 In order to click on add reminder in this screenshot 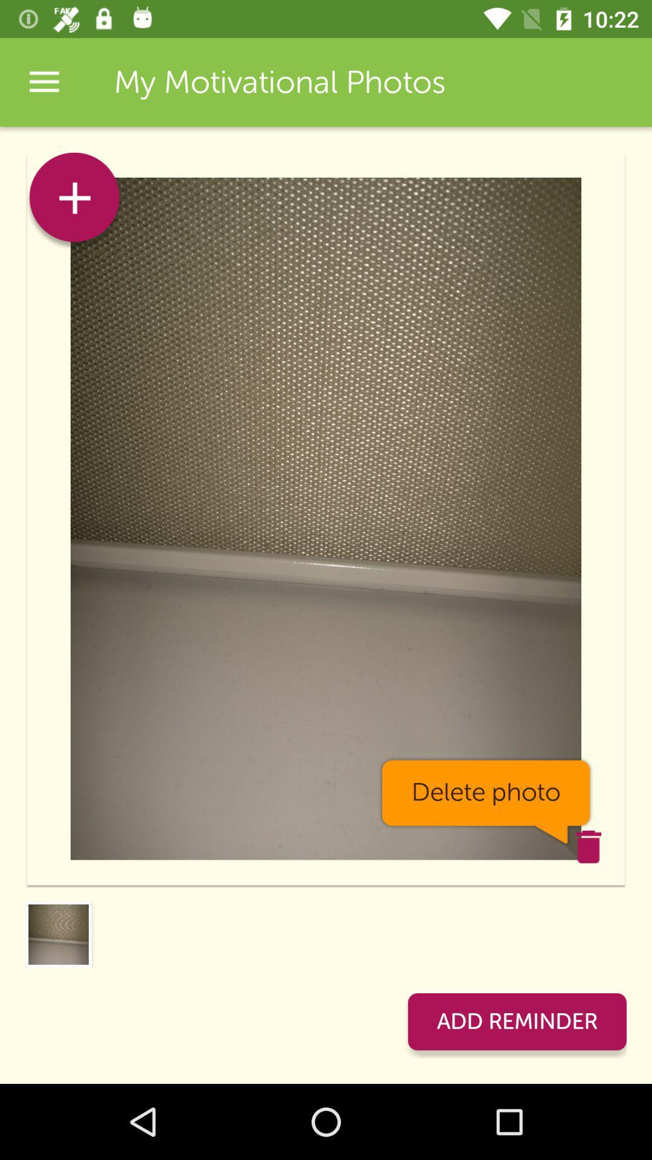, I will do `click(516, 1021)`.